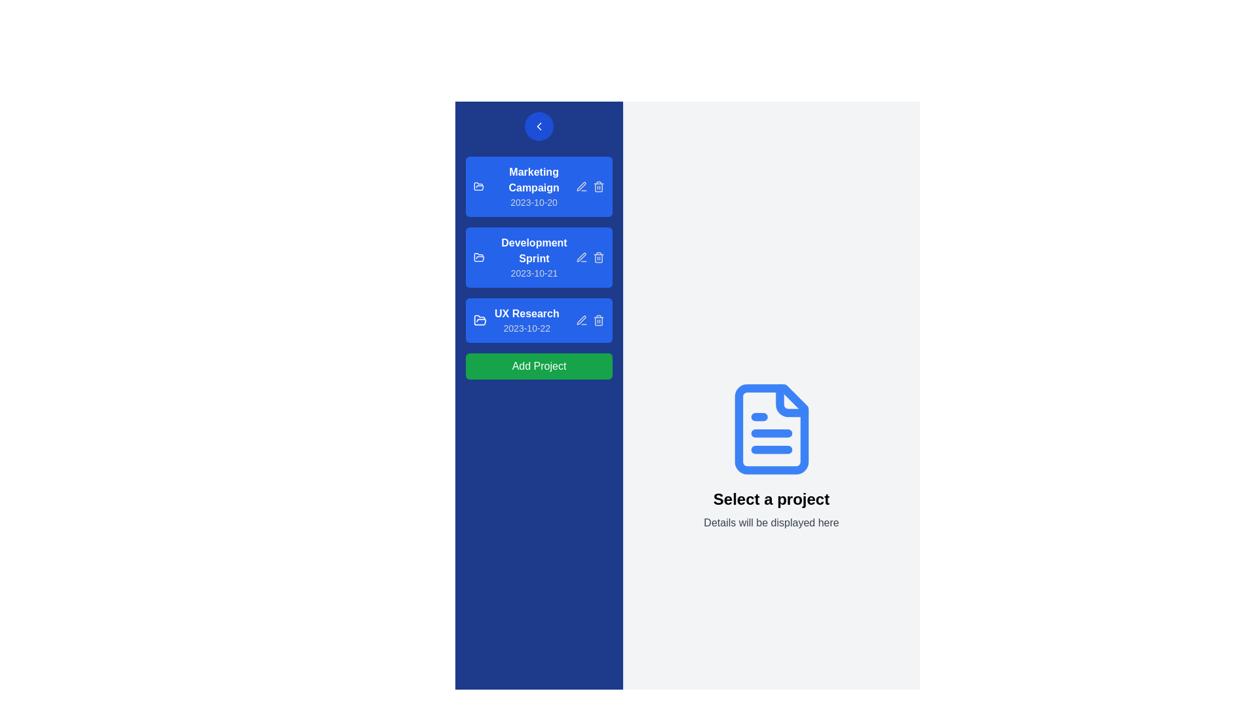  I want to click on the 'UX Research' project card, which has a blue background and is the third card in the vertical list of project entries, so click(516, 321).